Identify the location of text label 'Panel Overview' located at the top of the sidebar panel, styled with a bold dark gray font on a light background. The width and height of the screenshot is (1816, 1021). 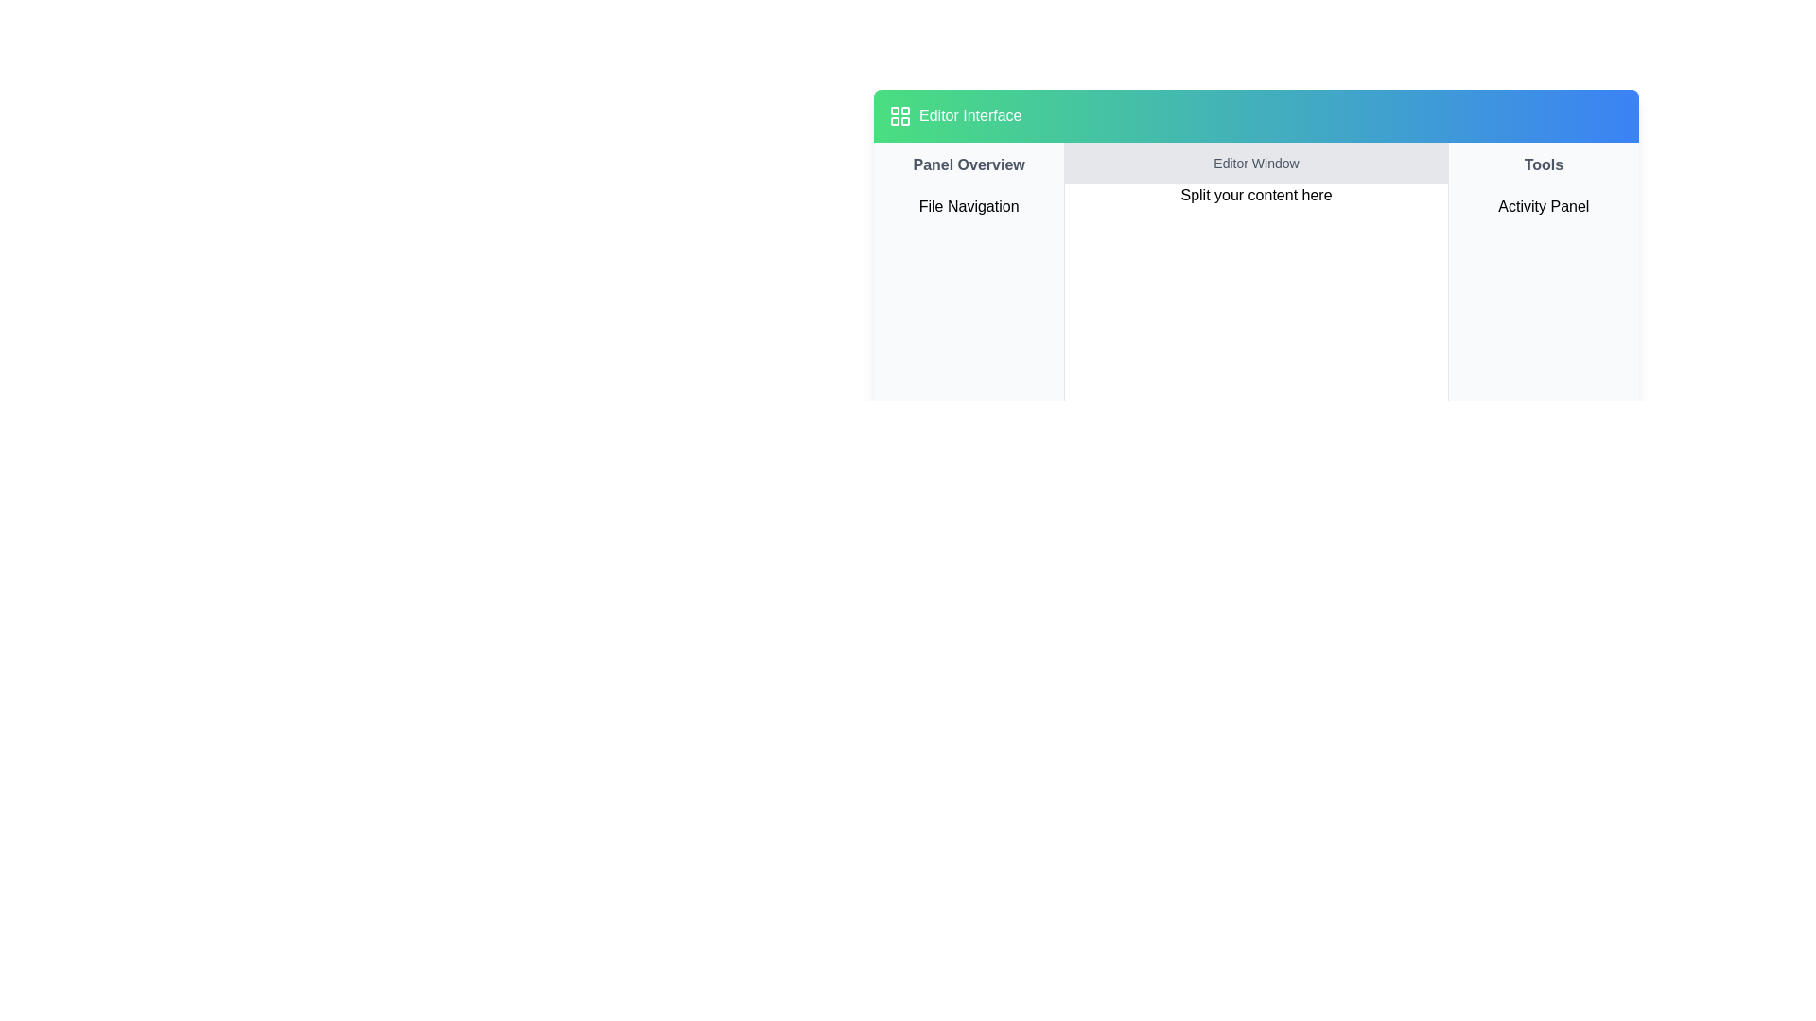
(969, 164).